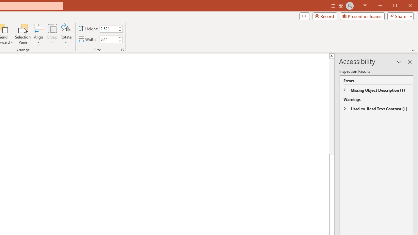 This screenshot has width=418, height=235. Describe the element at coordinates (364, 6) in the screenshot. I see `'Ribbon Display Options'` at that location.